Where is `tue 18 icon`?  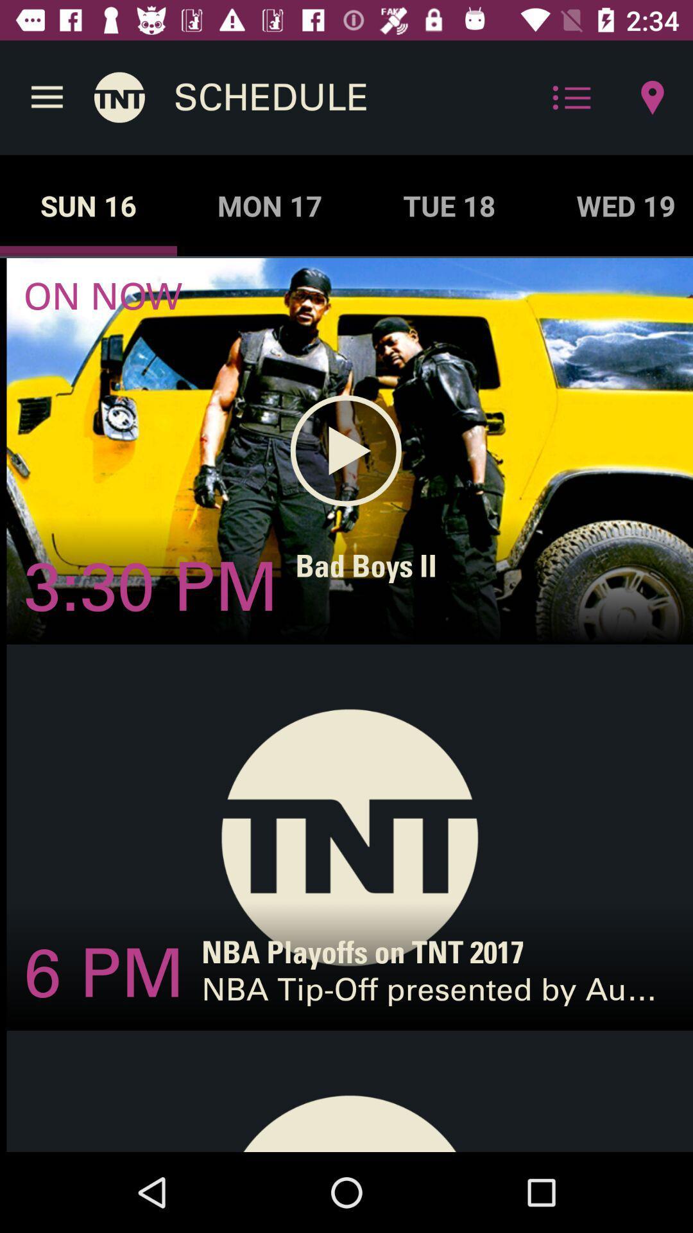
tue 18 icon is located at coordinates (449, 205).